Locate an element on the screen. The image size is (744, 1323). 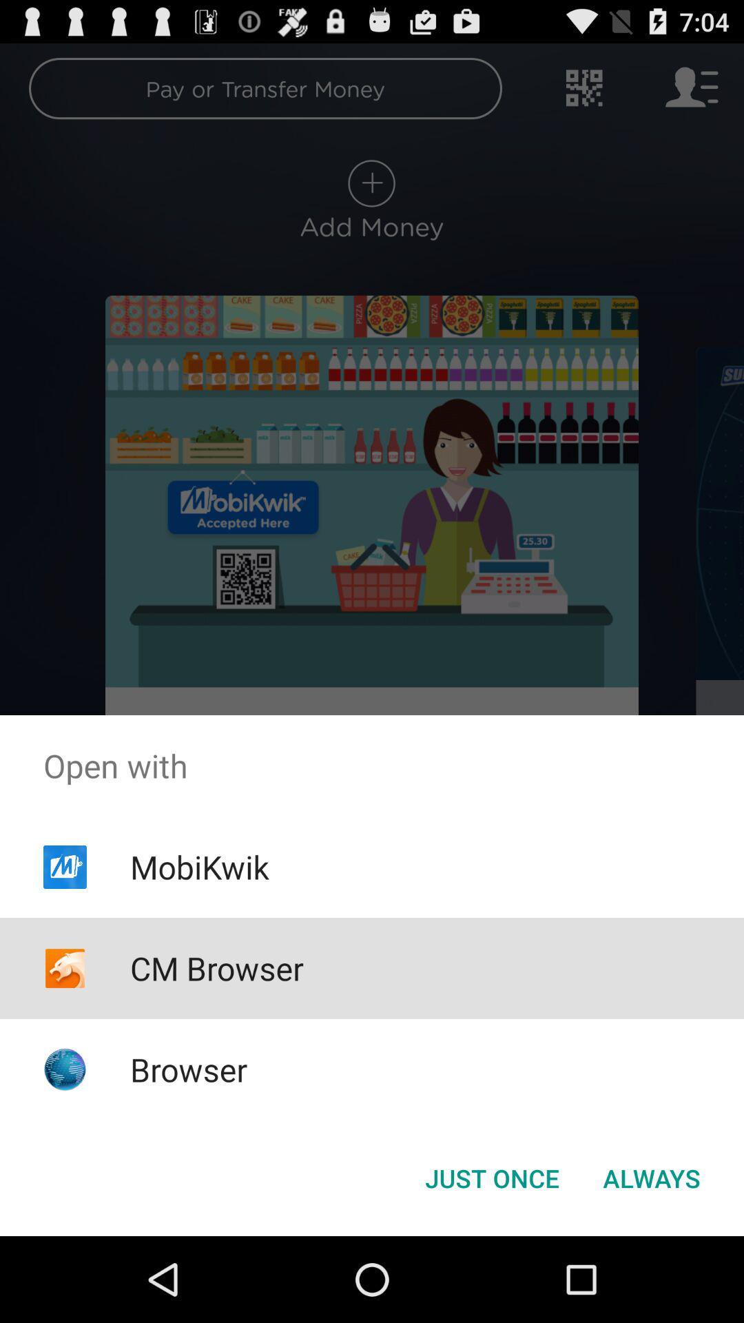
the settings icon is located at coordinates (612, 99).